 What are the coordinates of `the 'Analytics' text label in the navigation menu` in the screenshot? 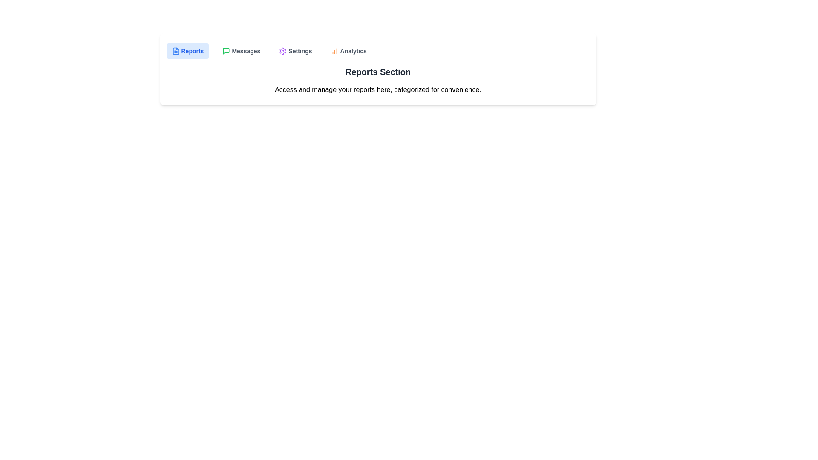 It's located at (353, 51).